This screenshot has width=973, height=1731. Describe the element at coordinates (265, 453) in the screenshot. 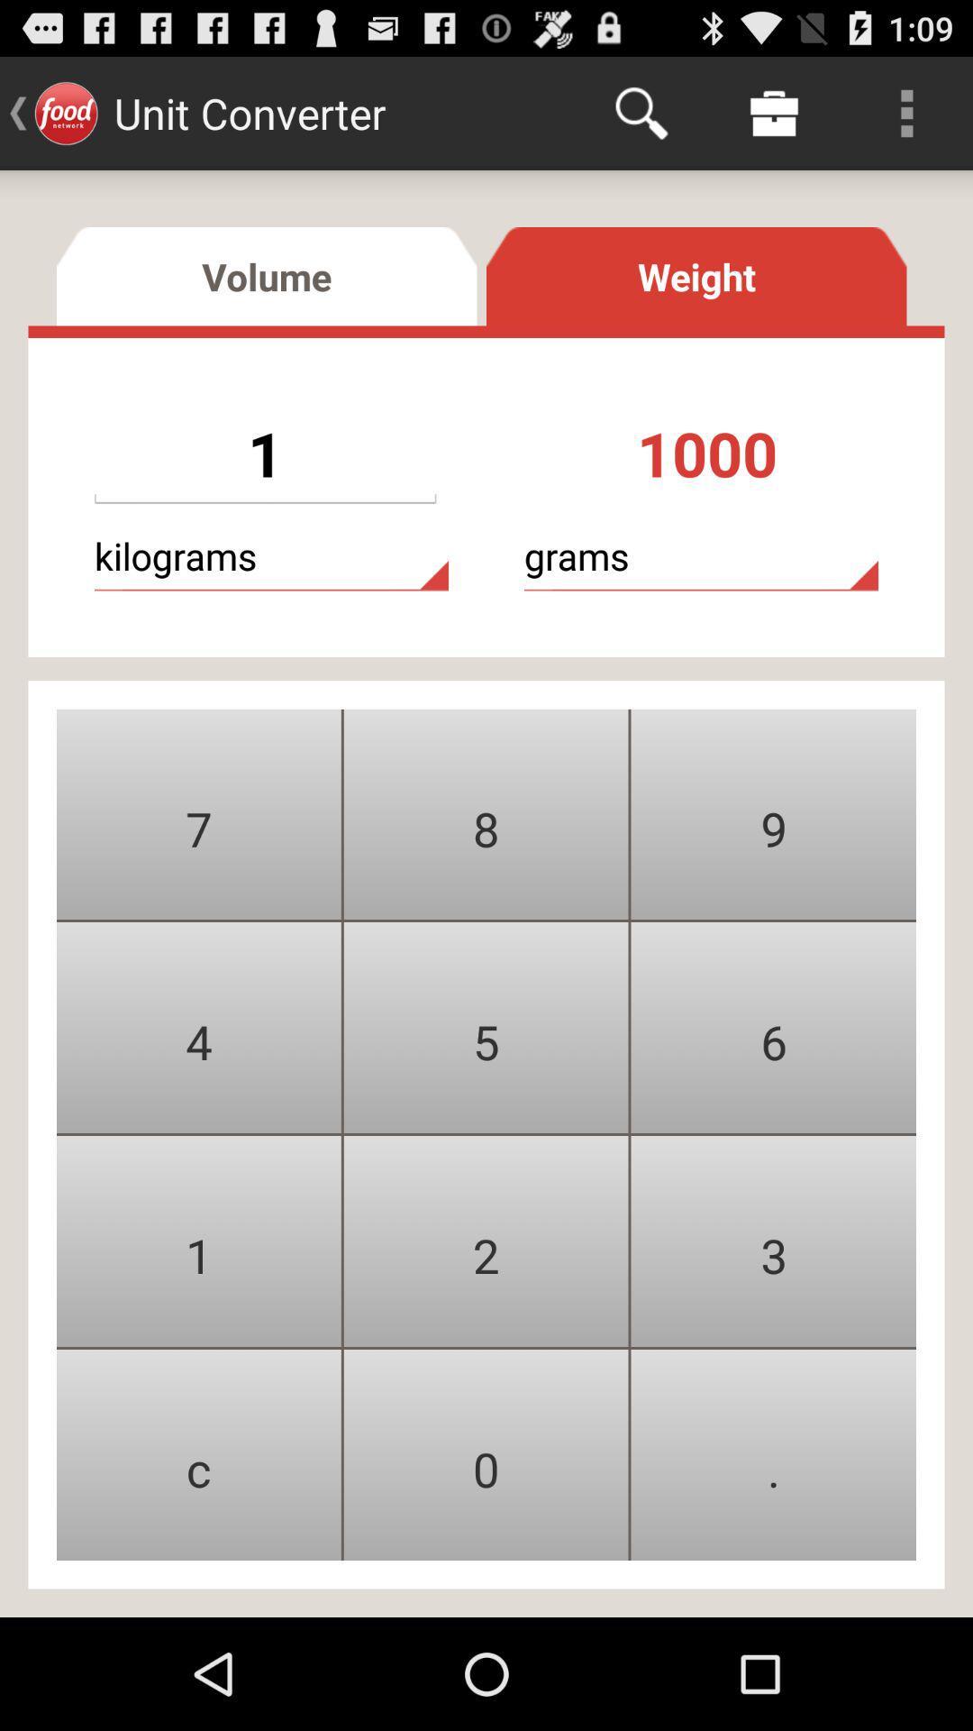

I see `the dropbox below volume` at that location.